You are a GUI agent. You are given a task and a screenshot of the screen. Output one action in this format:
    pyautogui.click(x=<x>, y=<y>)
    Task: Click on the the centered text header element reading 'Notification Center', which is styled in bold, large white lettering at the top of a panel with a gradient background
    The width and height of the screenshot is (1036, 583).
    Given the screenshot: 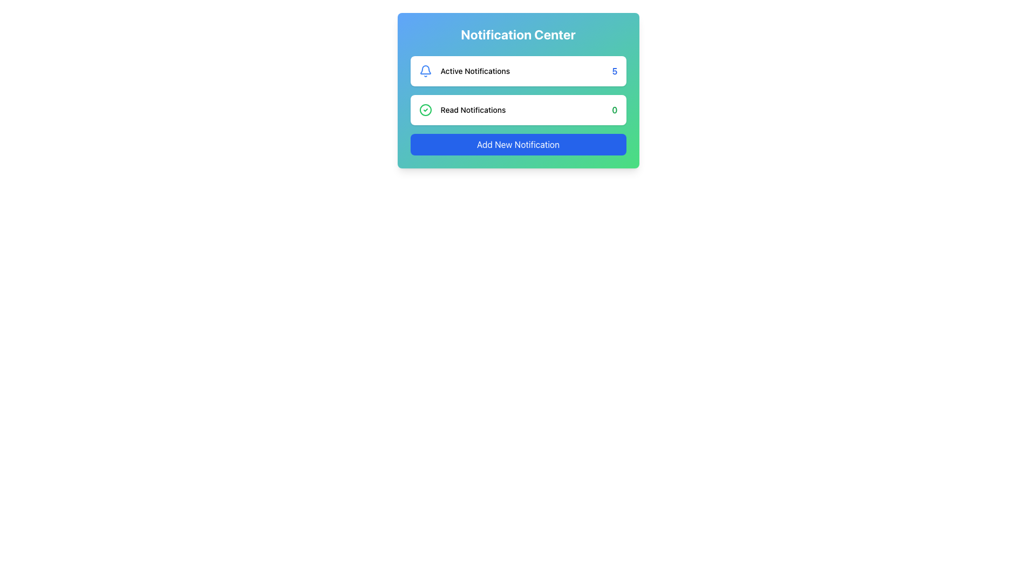 What is the action you would take?
    pyautogui.click(x=518, y=34)
    